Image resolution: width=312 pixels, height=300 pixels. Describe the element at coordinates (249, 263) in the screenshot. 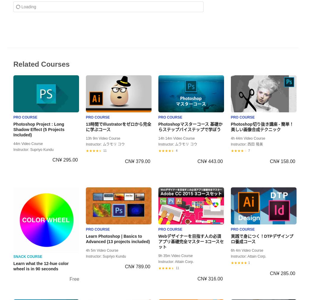

I see `'1'` at that location.